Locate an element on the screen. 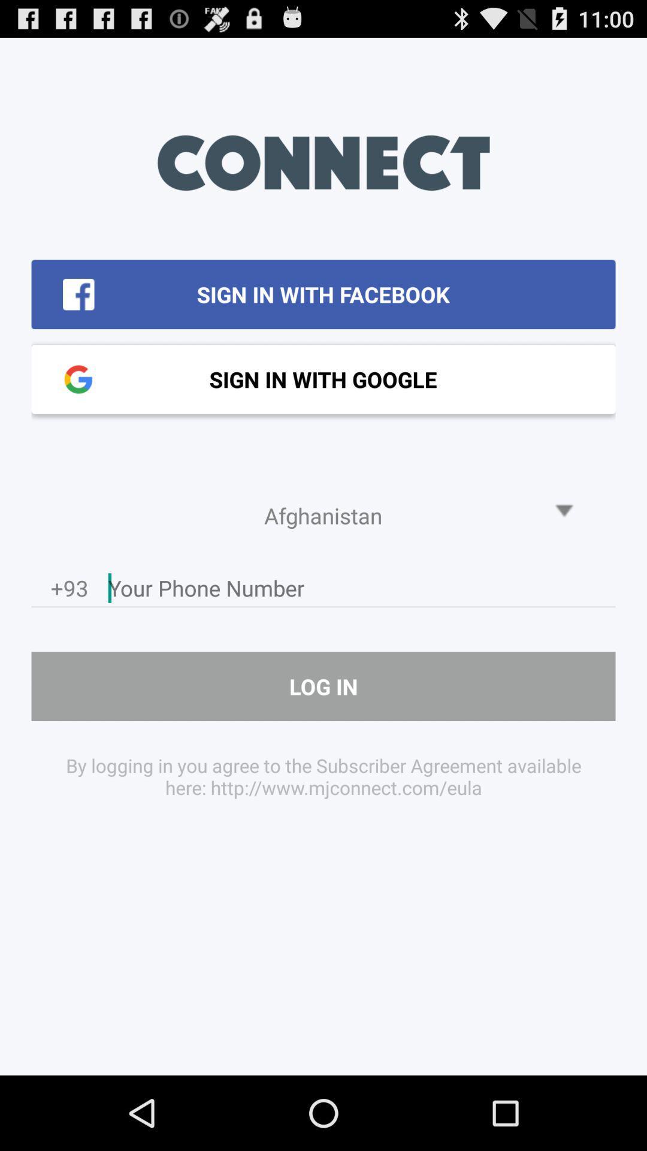 The image size is (647, 1151). by logging in item is located at coordinates (323, 776).